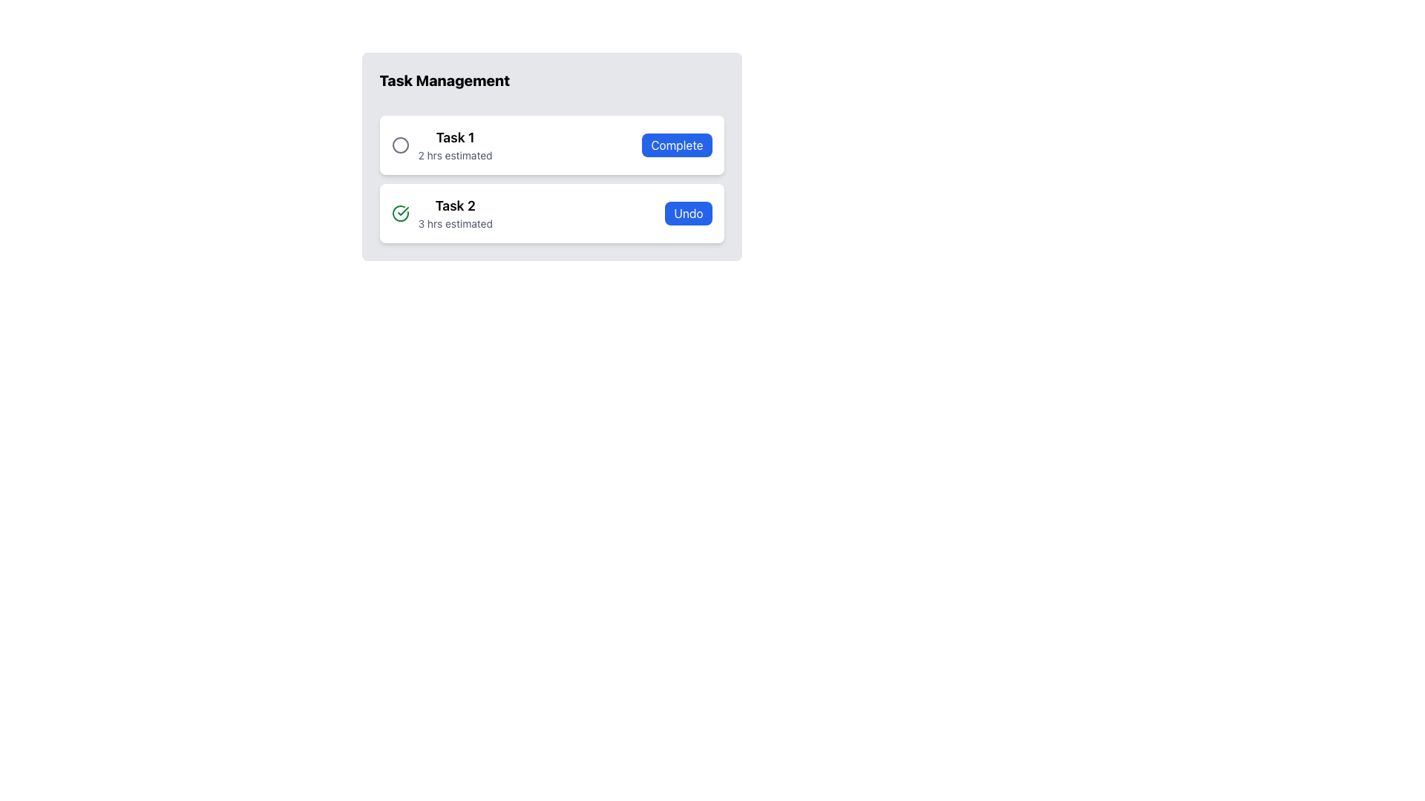 The width and height of the screenshot is (1425, 801). Describe the element at coordinates (400, 145) in the screenshot. I see `the circular gray icon located to the left of the 'Task 1' label in the first task row` at that location.